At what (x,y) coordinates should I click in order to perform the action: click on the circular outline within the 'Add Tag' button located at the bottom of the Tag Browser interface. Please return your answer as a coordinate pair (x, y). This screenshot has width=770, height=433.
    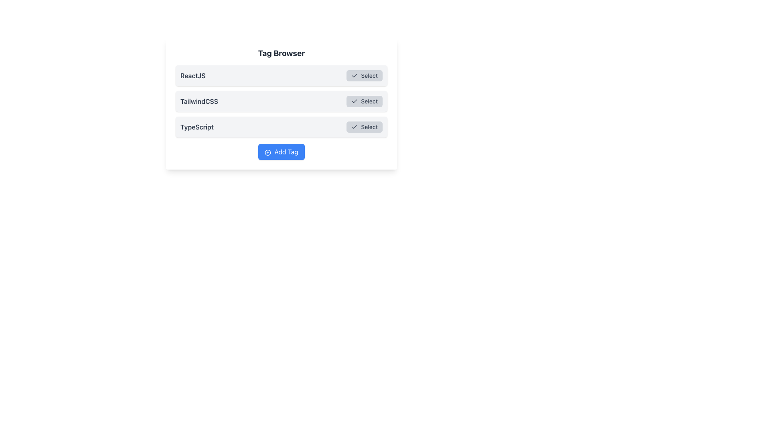
    Looking at the image, I should click on (268, 152).